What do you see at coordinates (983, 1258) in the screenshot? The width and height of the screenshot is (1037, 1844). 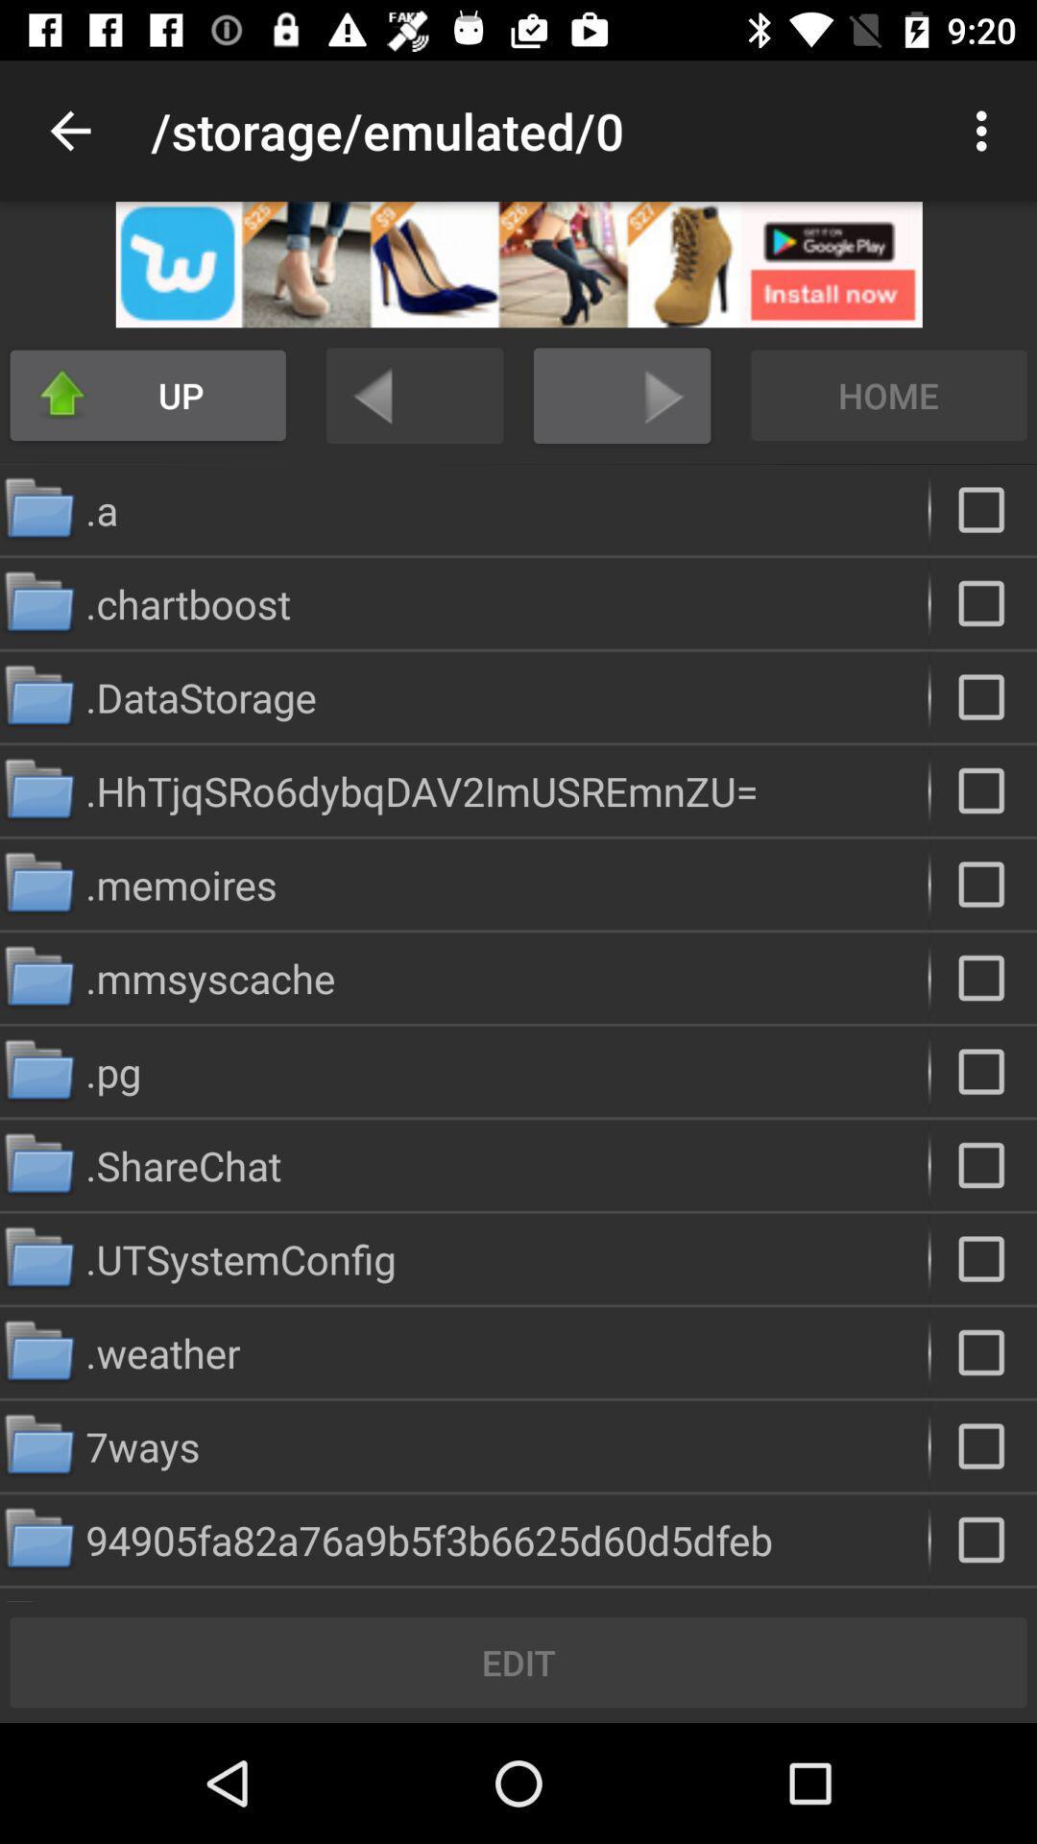 I see `mark/unmark` at bounding box center [983, 1258].